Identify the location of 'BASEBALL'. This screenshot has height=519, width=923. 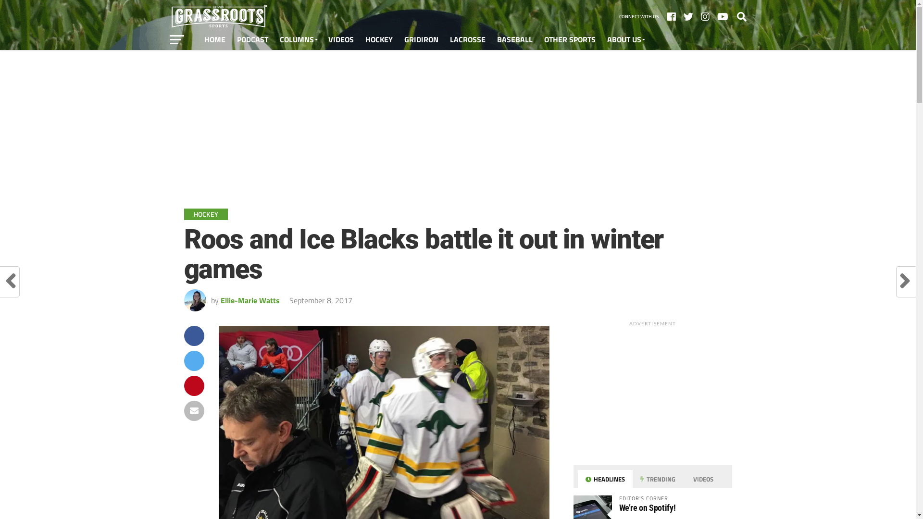
(514, 38).